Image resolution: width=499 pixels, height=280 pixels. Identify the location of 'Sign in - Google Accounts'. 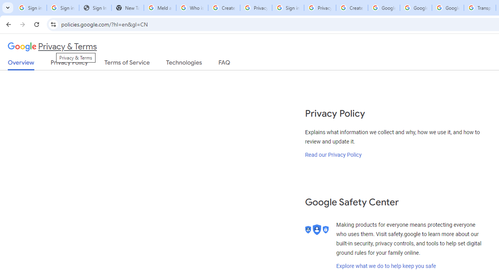
(287, 8).